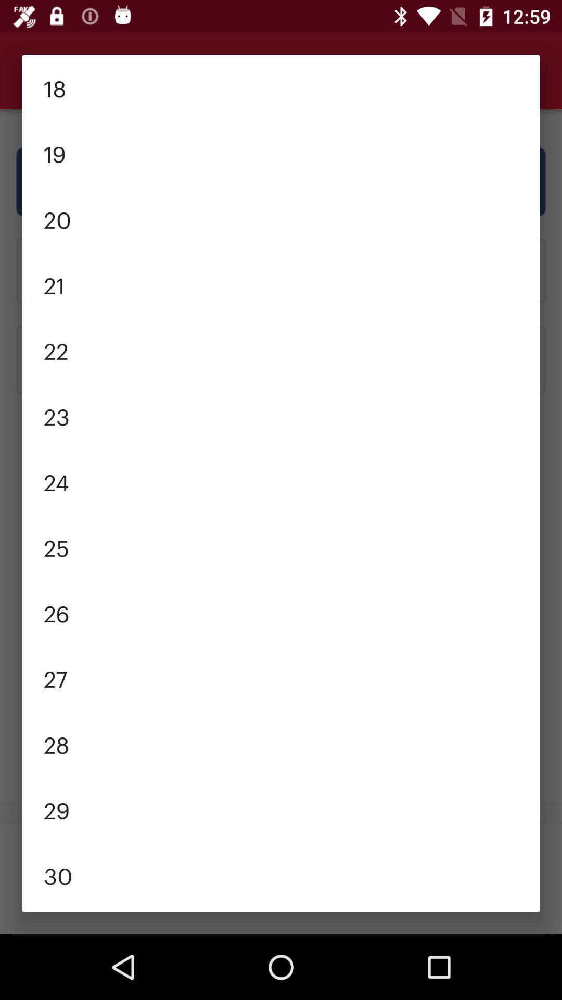 The width and height of the screenshot is (562, 1000). What do you see at coordinates (281, 612) in the screenshot?
I see `26` at bounding box center [281, 612].